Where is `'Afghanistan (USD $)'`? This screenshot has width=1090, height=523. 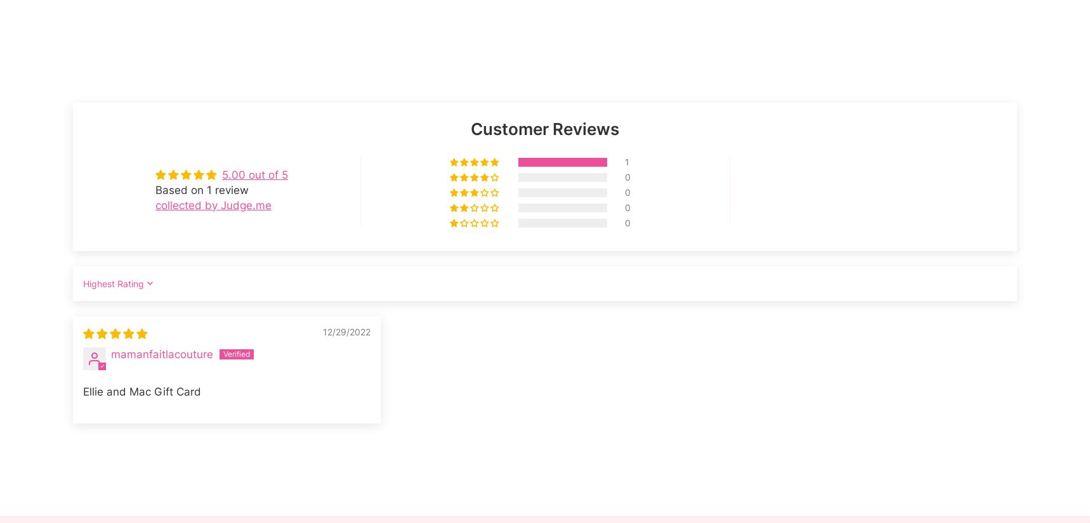
'Afghanistan (USD $)' is located at coordinates (117, 48).